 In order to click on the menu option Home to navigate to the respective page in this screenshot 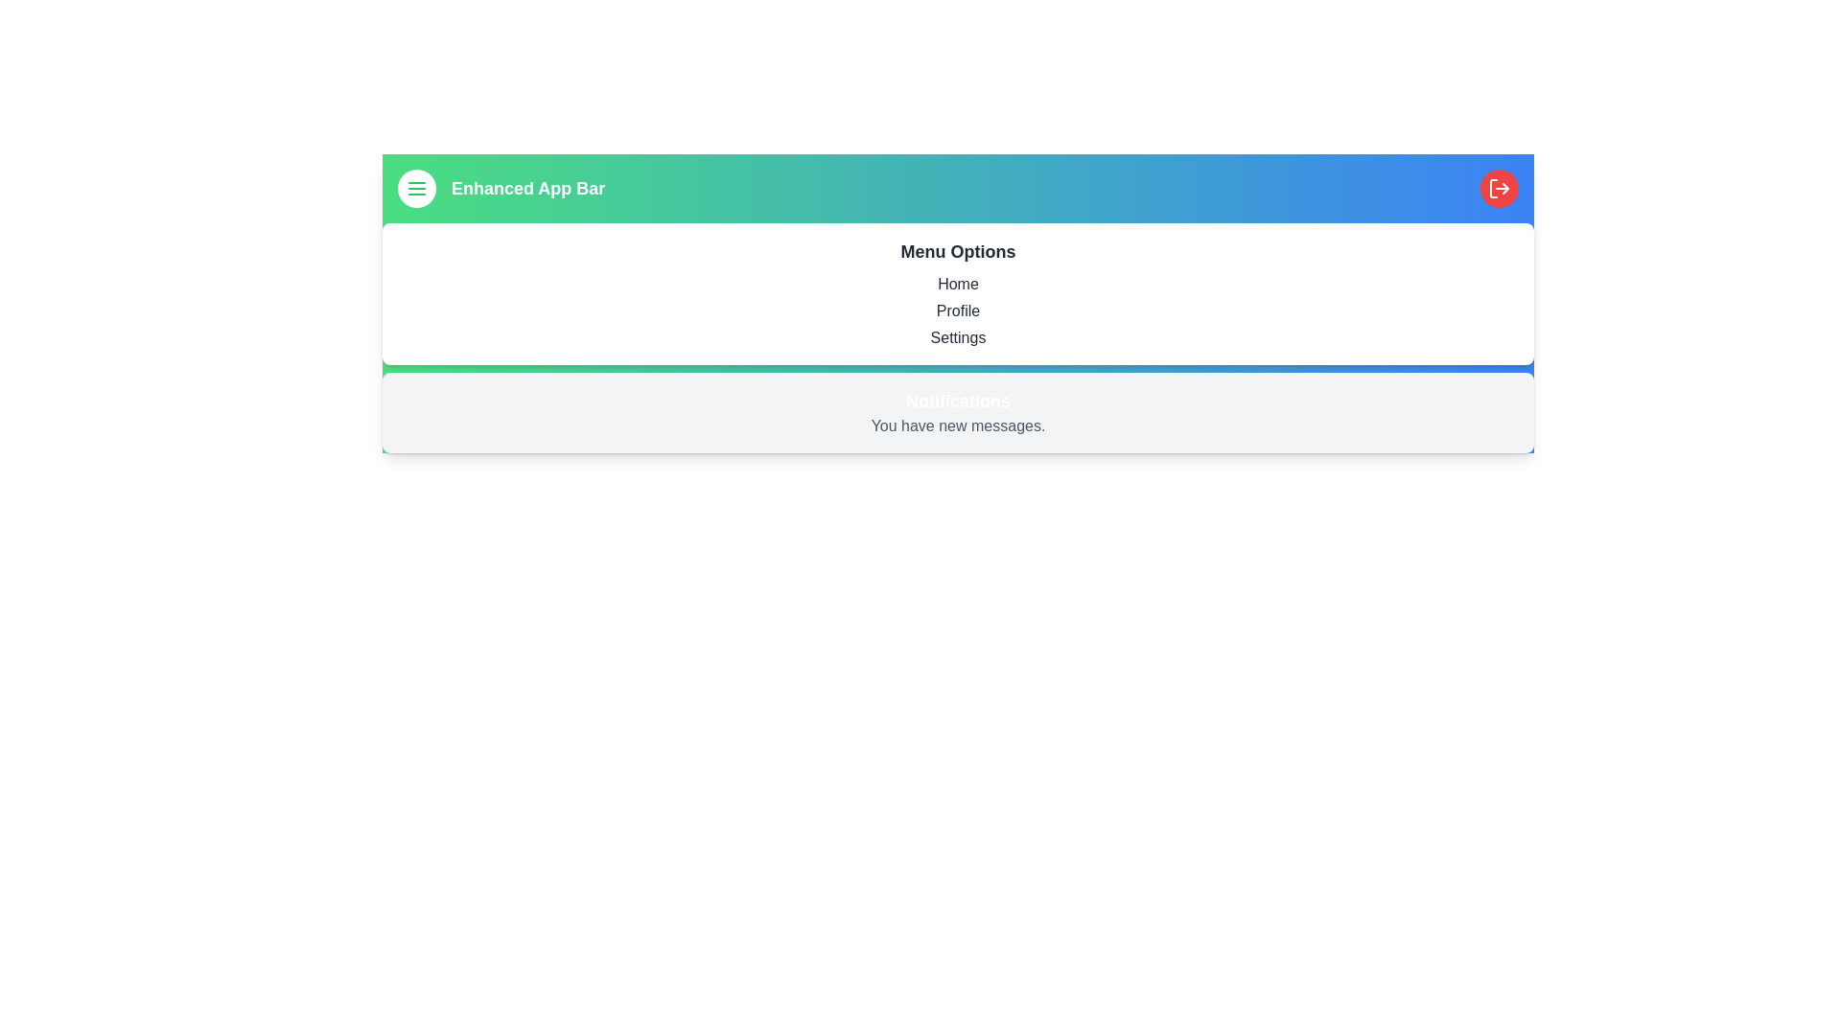, I will do `click(958, 285)`.